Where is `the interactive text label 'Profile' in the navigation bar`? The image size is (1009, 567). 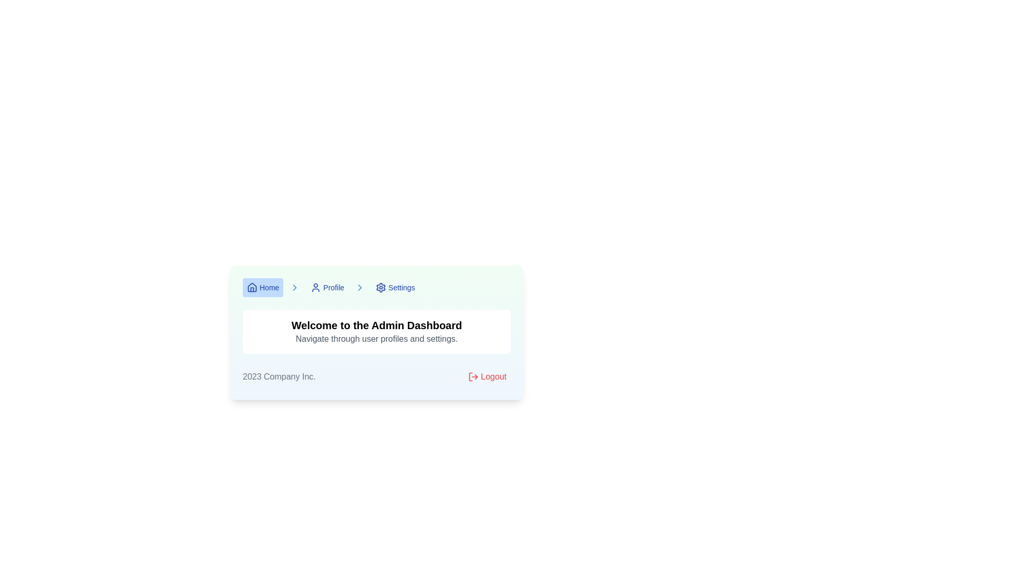 the interactive text label 'Profile' in the navigation bar is located at coordinates (333, 287).